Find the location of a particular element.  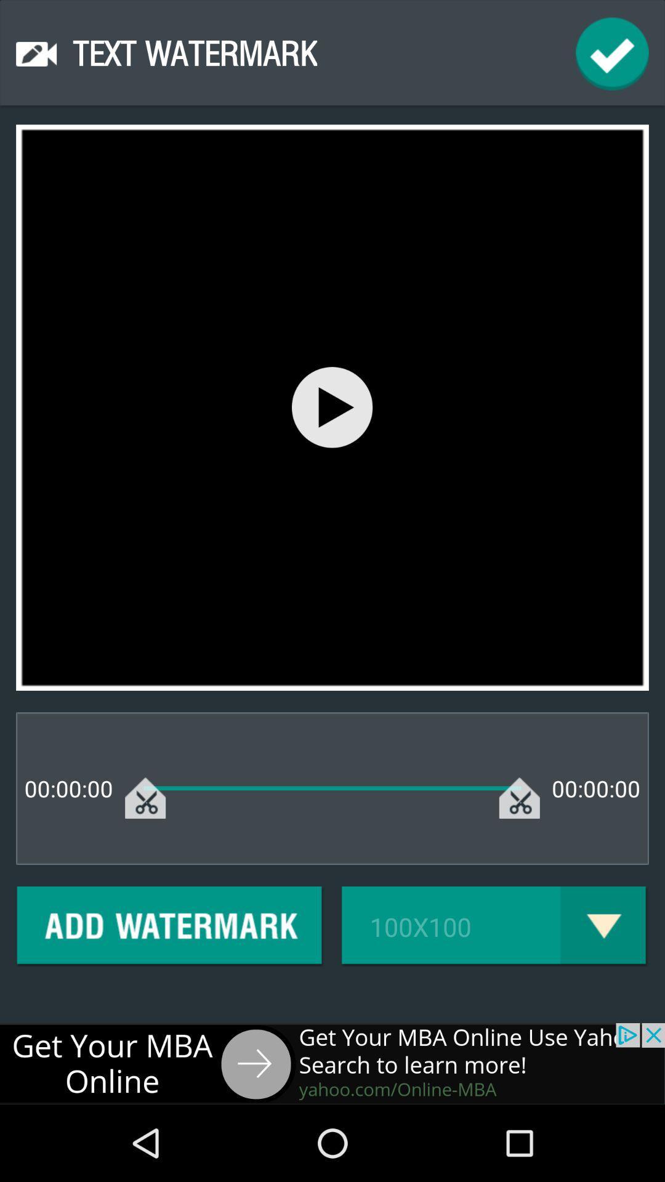

button is located at coordinates (331, 407).